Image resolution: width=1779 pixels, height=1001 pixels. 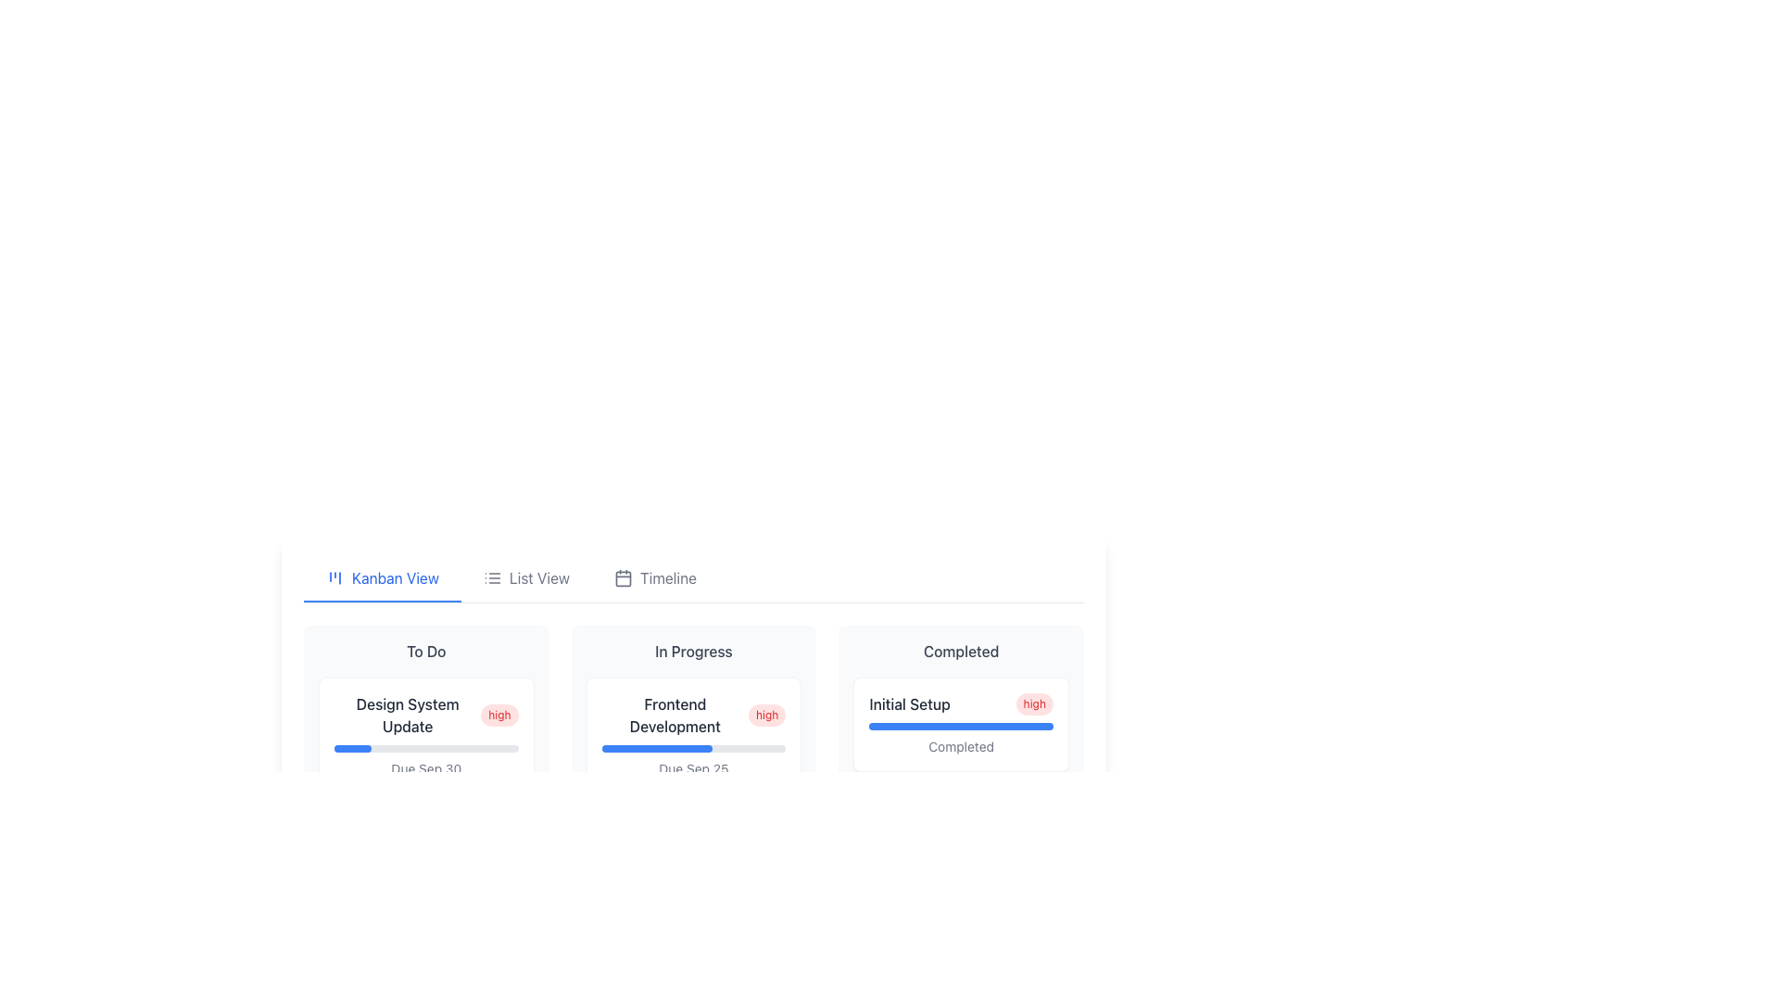 What do you see at coordinates (1033, 703) in the screenshot?
I see `the Priority indicator badge located on the right side of the 'Initial Setup' row within the card under the 'Completed' section` at bounding box center [1033, 703].